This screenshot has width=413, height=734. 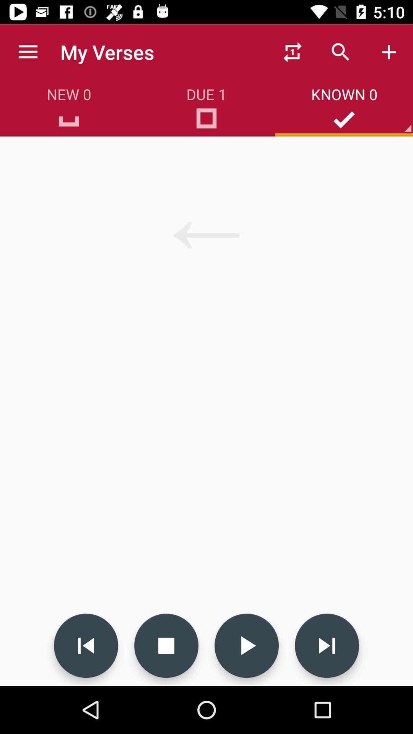 I want to click on the skip_next icon, so click(x=327, y=645).